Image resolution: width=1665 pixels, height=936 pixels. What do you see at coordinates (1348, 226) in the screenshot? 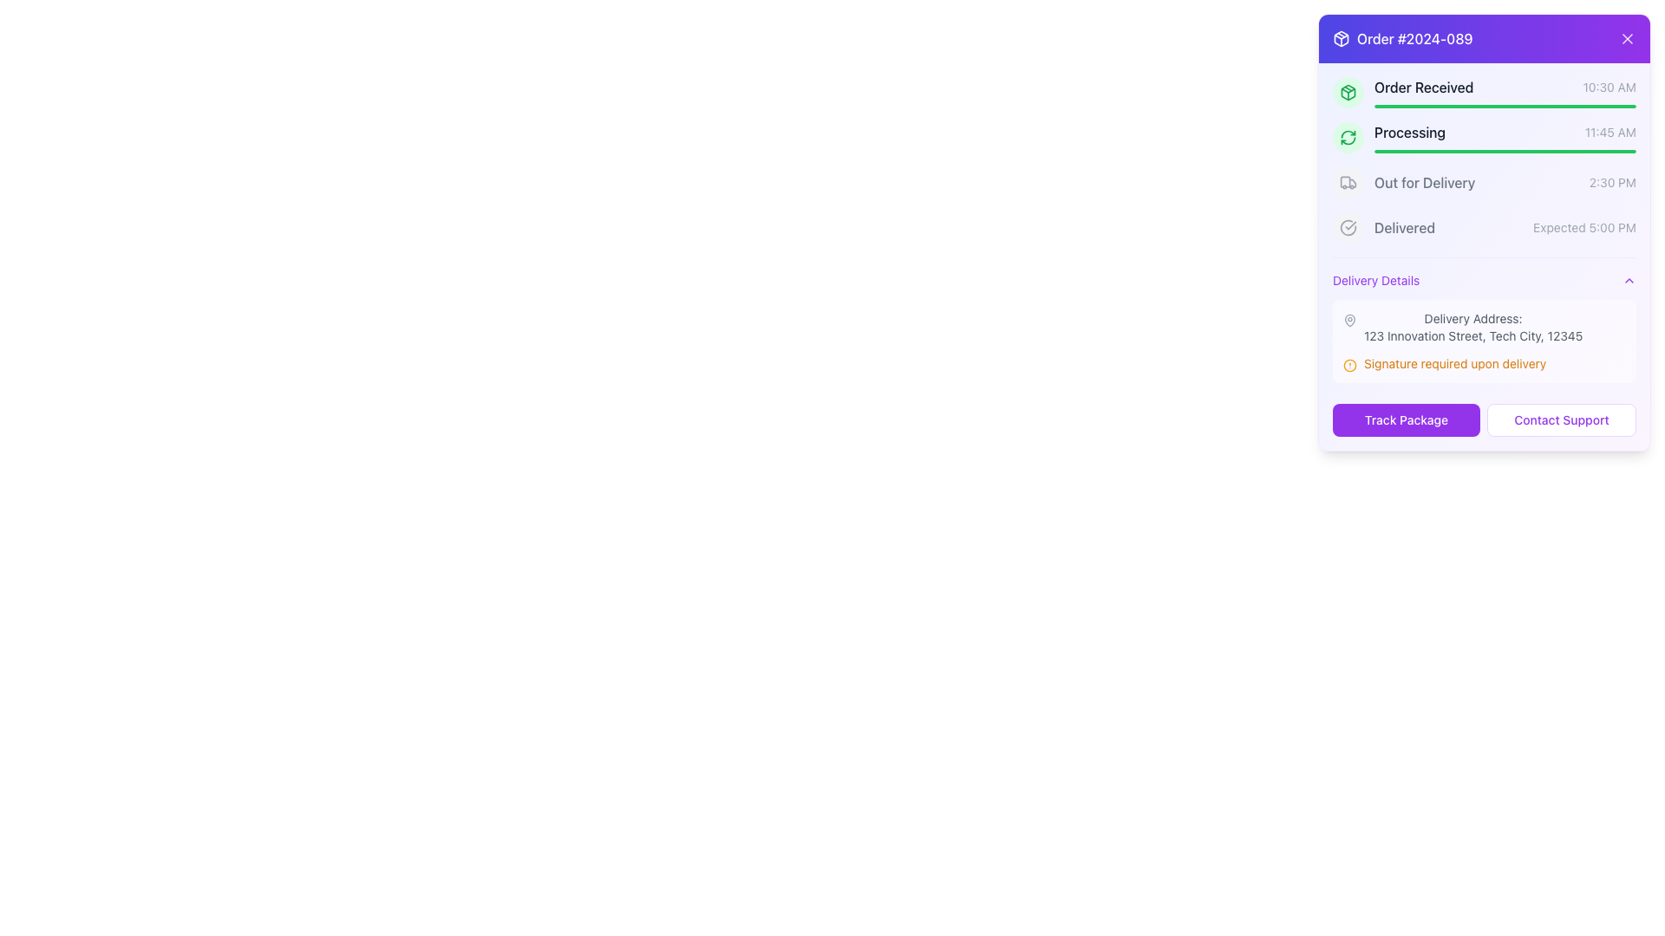
I see `the circular graphical component, which is a segment of an icon within an SVG element, located to the right of the 'Order Received' text` at bounding box center [1348, 226].